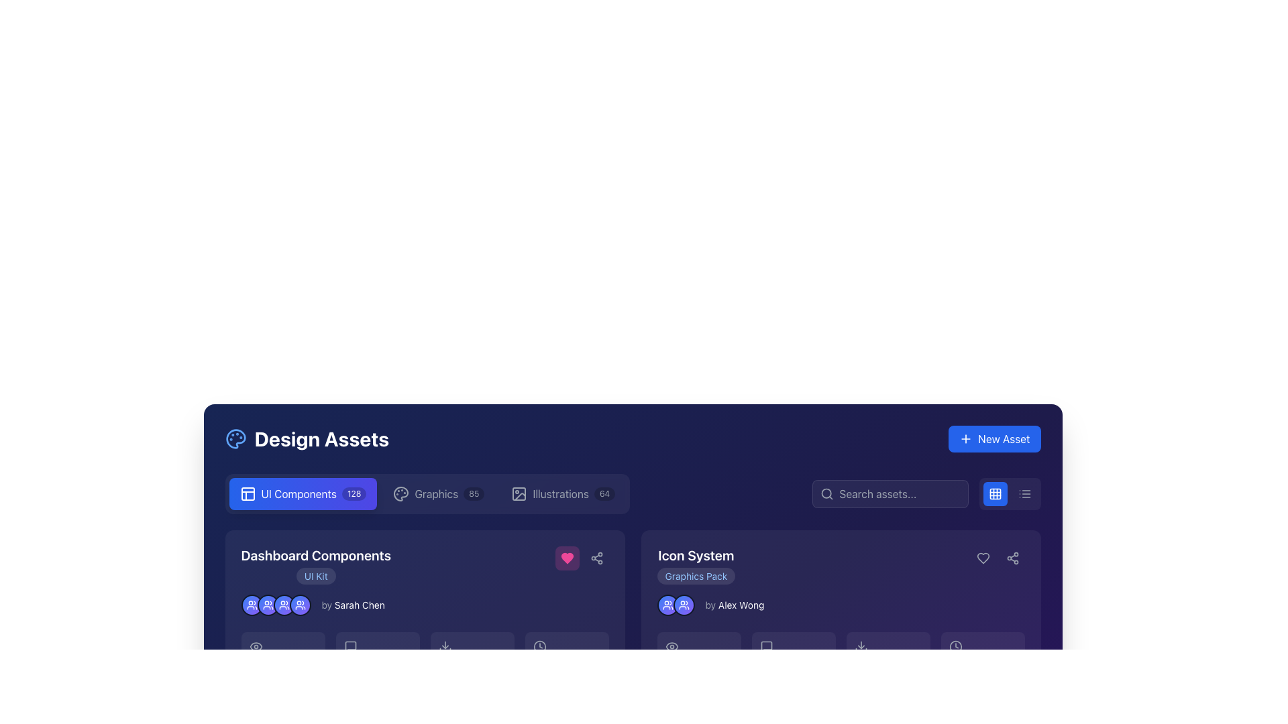 Image resolution: width=1288 pixels, height=724 pixels. What do you see at coordinates (248, 493) in the screenshot?
I see `the graphical subcomponent of the 'UI Components' icon located at the top-left corner of the interface` at bounding box center [248, 493].